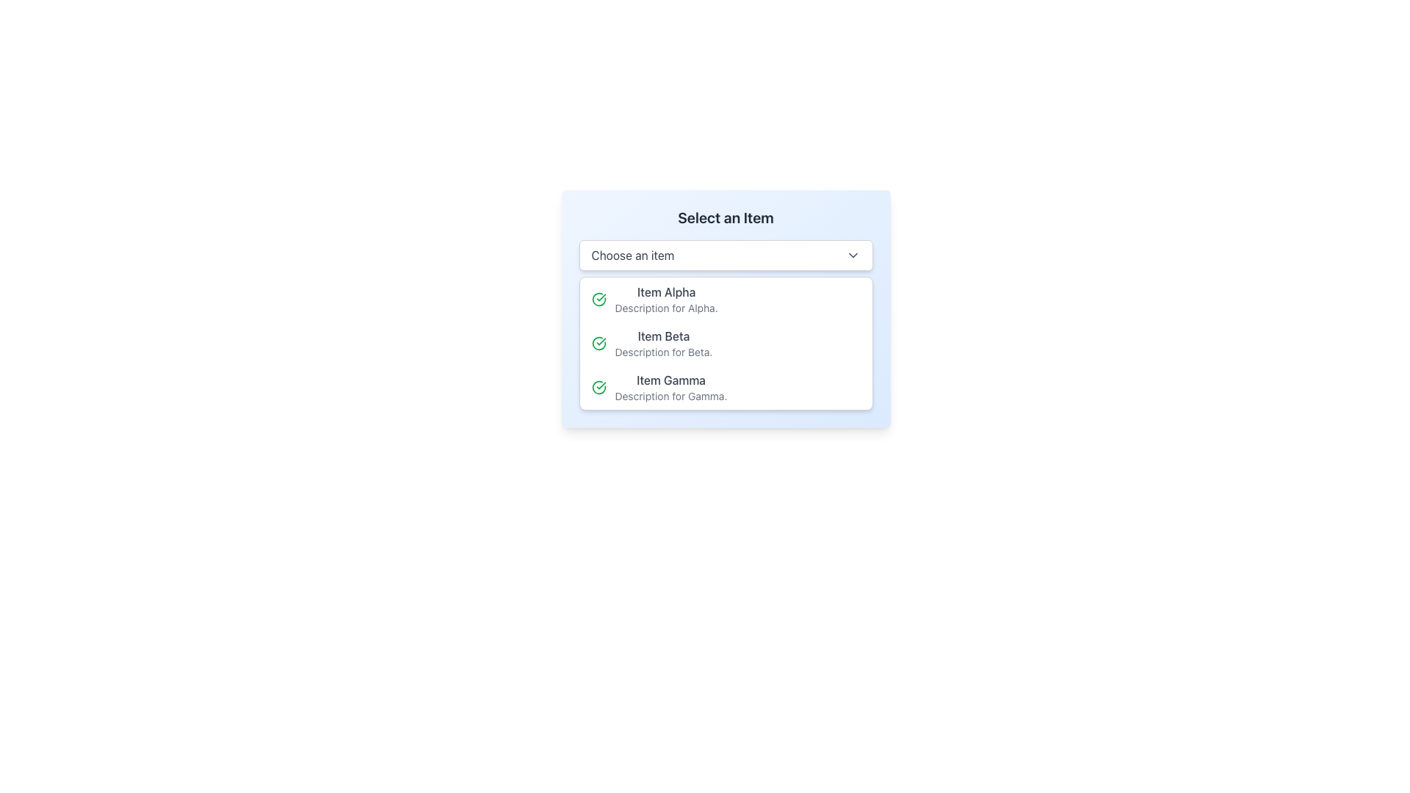 This screenshot has width=1410, height=793. What do you see at coordinates (665, 292) in the screenshot?
I see `the text label that serves as the title for the selectable item, positioned at the top of the first item block in the dropdown` at bounding box center [665, 292].